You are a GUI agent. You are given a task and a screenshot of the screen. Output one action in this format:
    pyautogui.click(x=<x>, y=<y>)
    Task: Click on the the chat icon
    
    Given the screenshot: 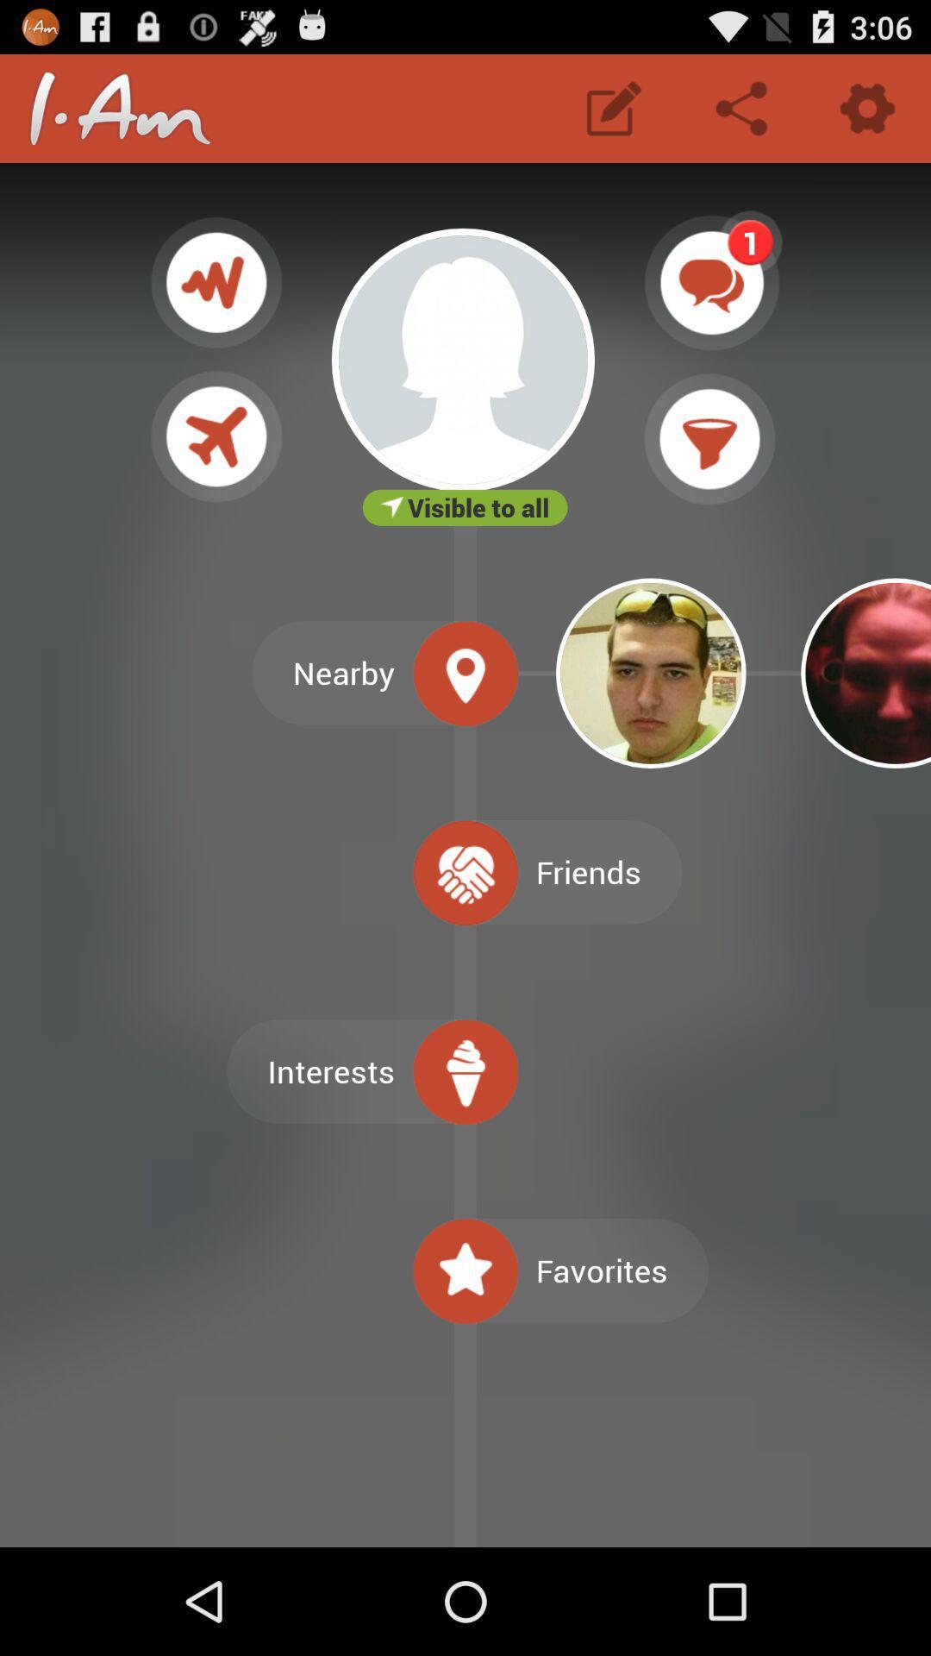 What is the action you would take?
    pyautogui.click(x=712, y=303)
    